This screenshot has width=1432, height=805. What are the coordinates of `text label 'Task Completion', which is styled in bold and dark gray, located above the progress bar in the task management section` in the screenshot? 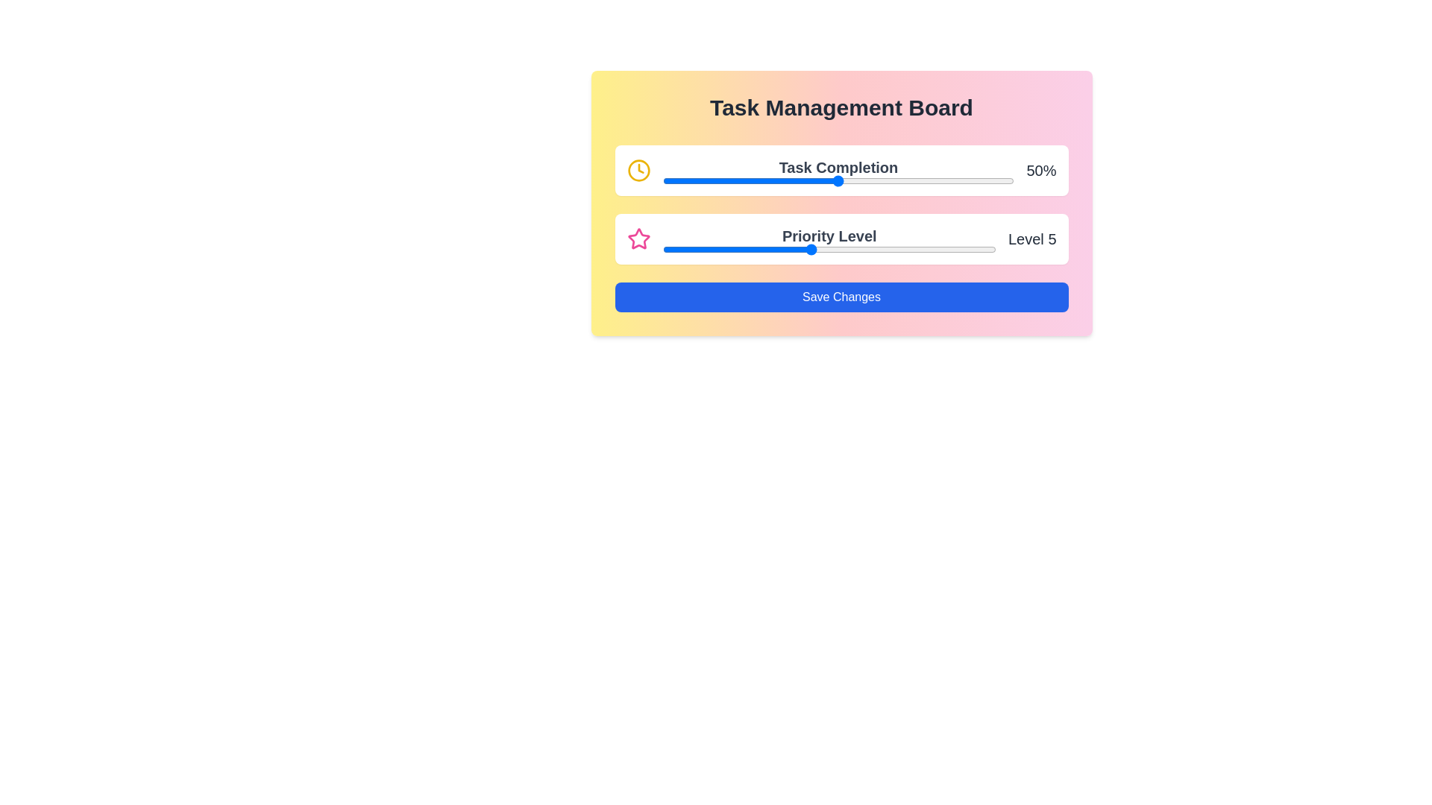 It's located at (838, 167).